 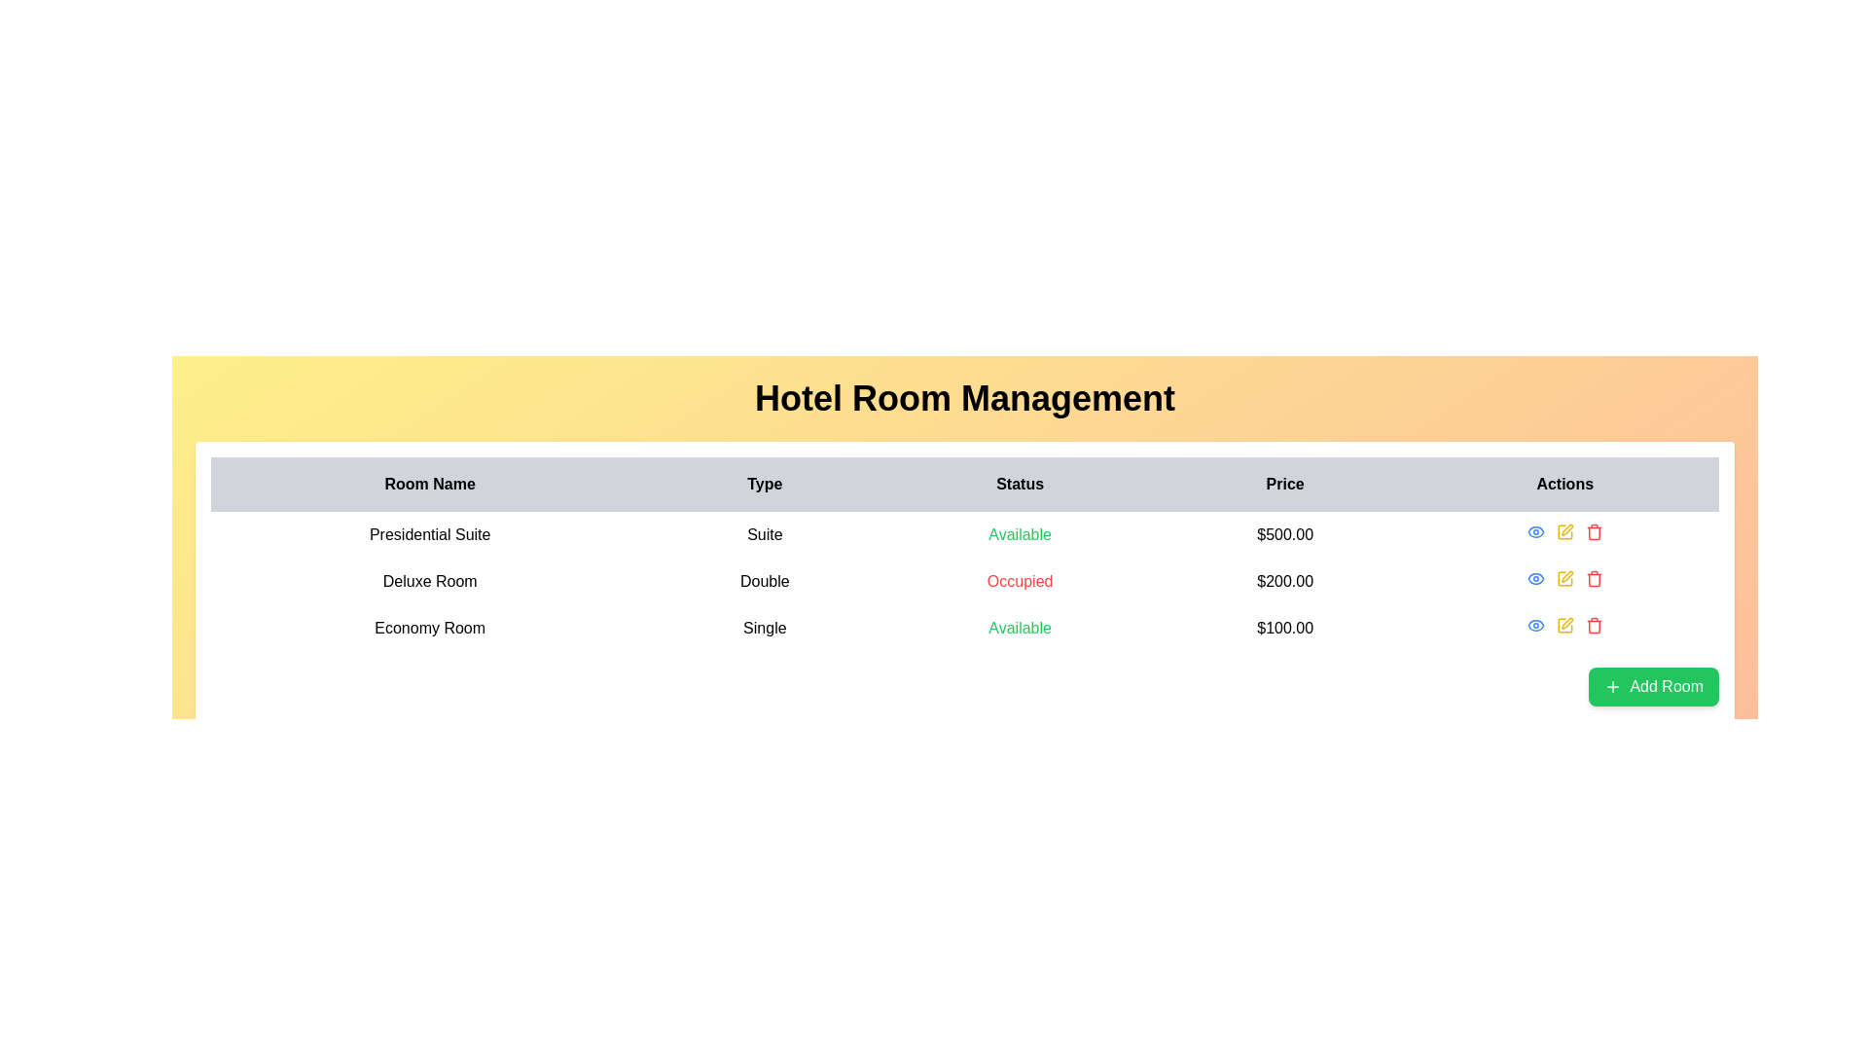 I want to click on the edit button located in the 'Actions' column of the second row for the 'Deluxe Room' entry to modify the room details, so click(x=1564, y=577).